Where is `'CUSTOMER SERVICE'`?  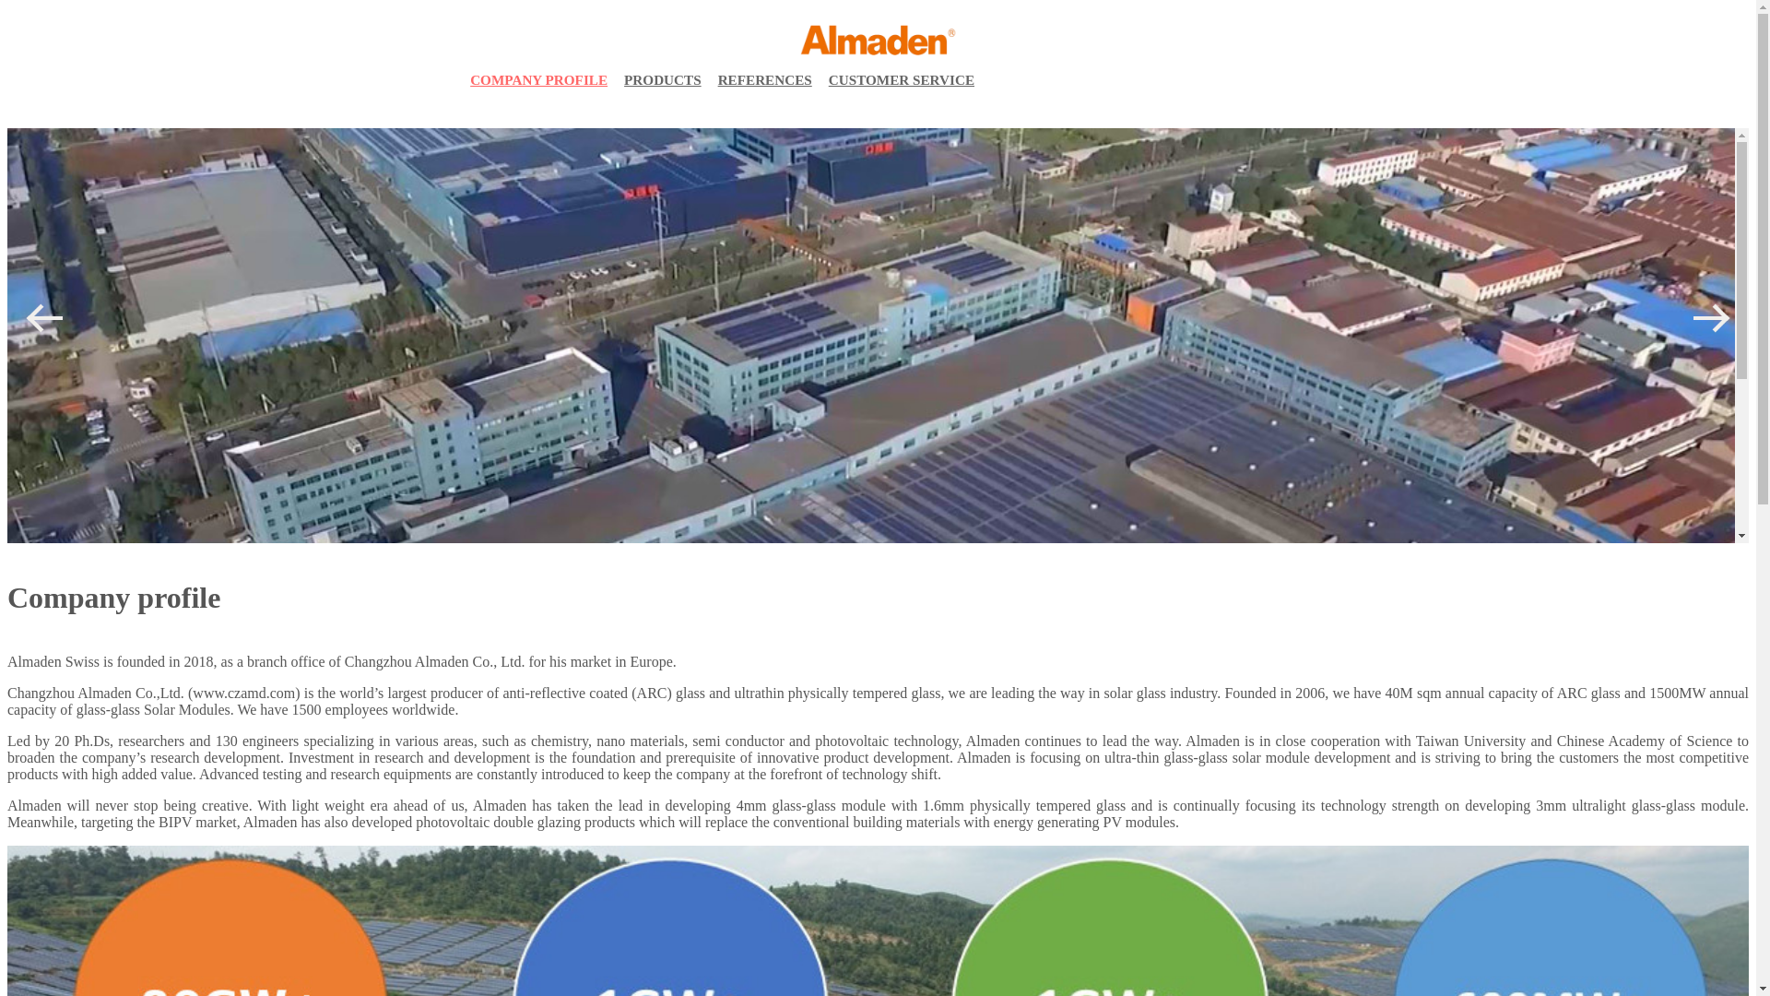
'CUSTOMER SERVICE' is located at coordinates (902, 79).